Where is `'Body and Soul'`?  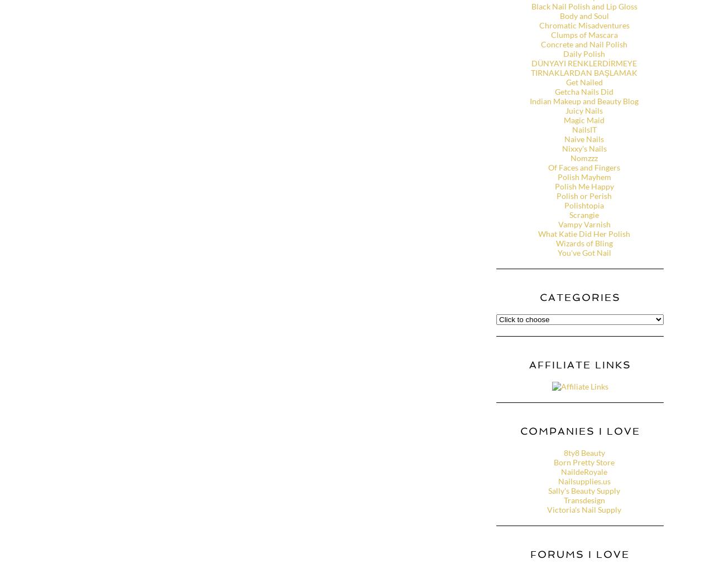 'Body and Soul' is located at coordinates (584, 15).